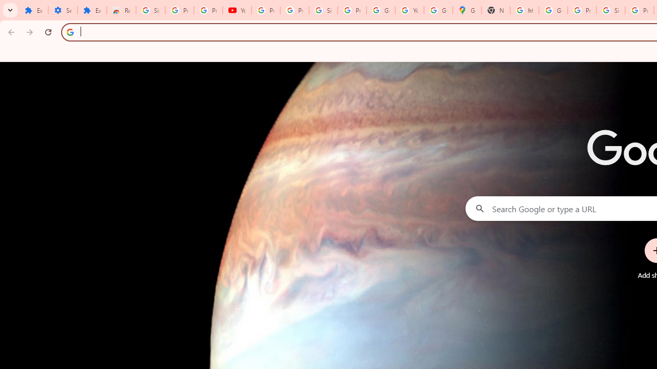  I want to click on 'Extensions', so click(33, 10).